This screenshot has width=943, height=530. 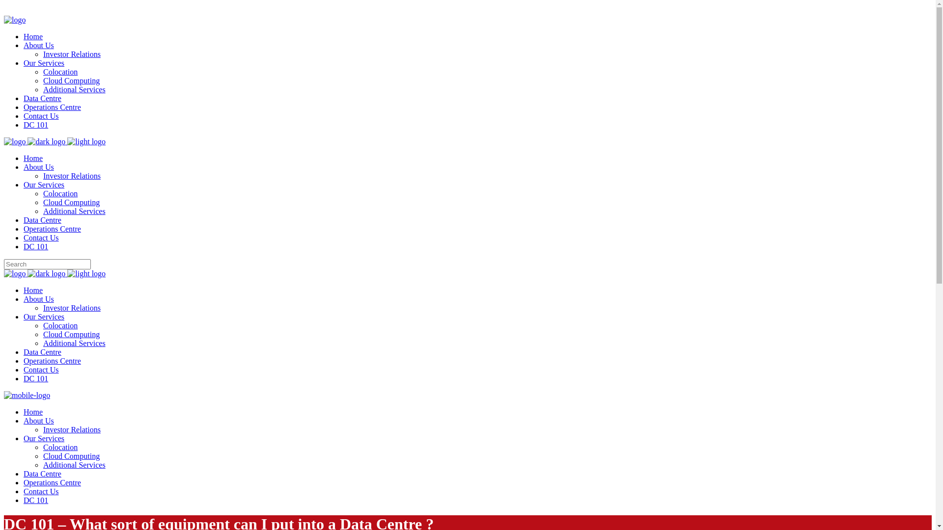 I want to click on 'Our Services', so click(x=43, y=63).